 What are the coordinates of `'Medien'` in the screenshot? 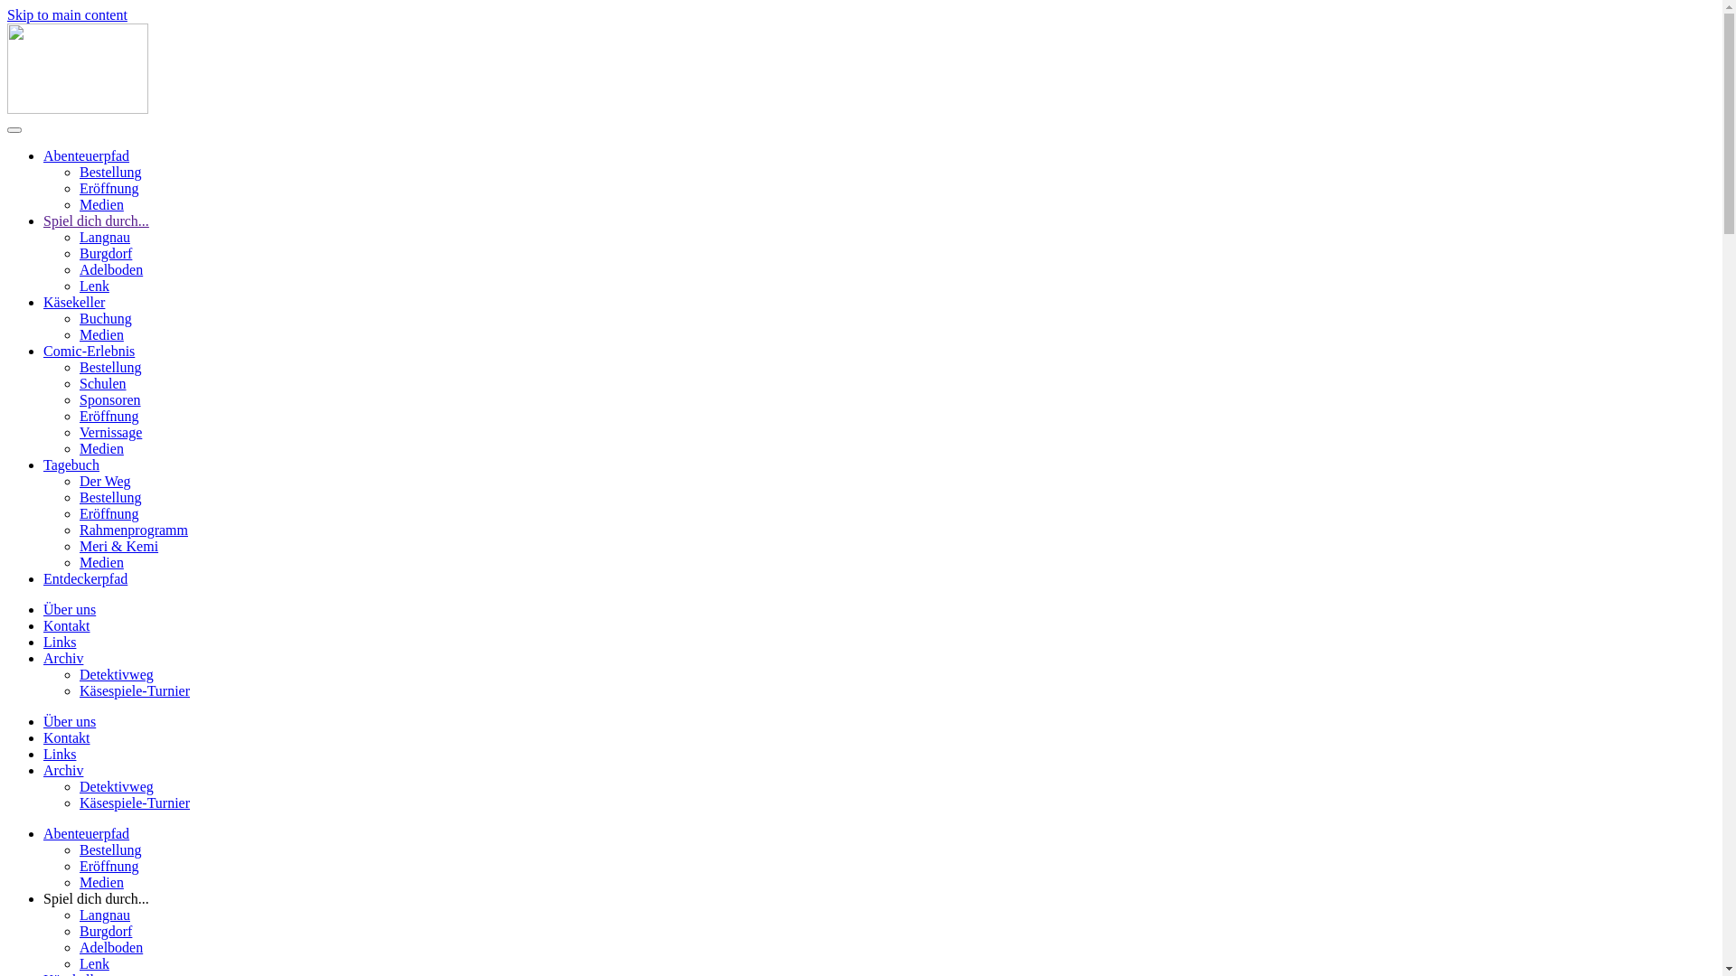 It's located at (100, 881).